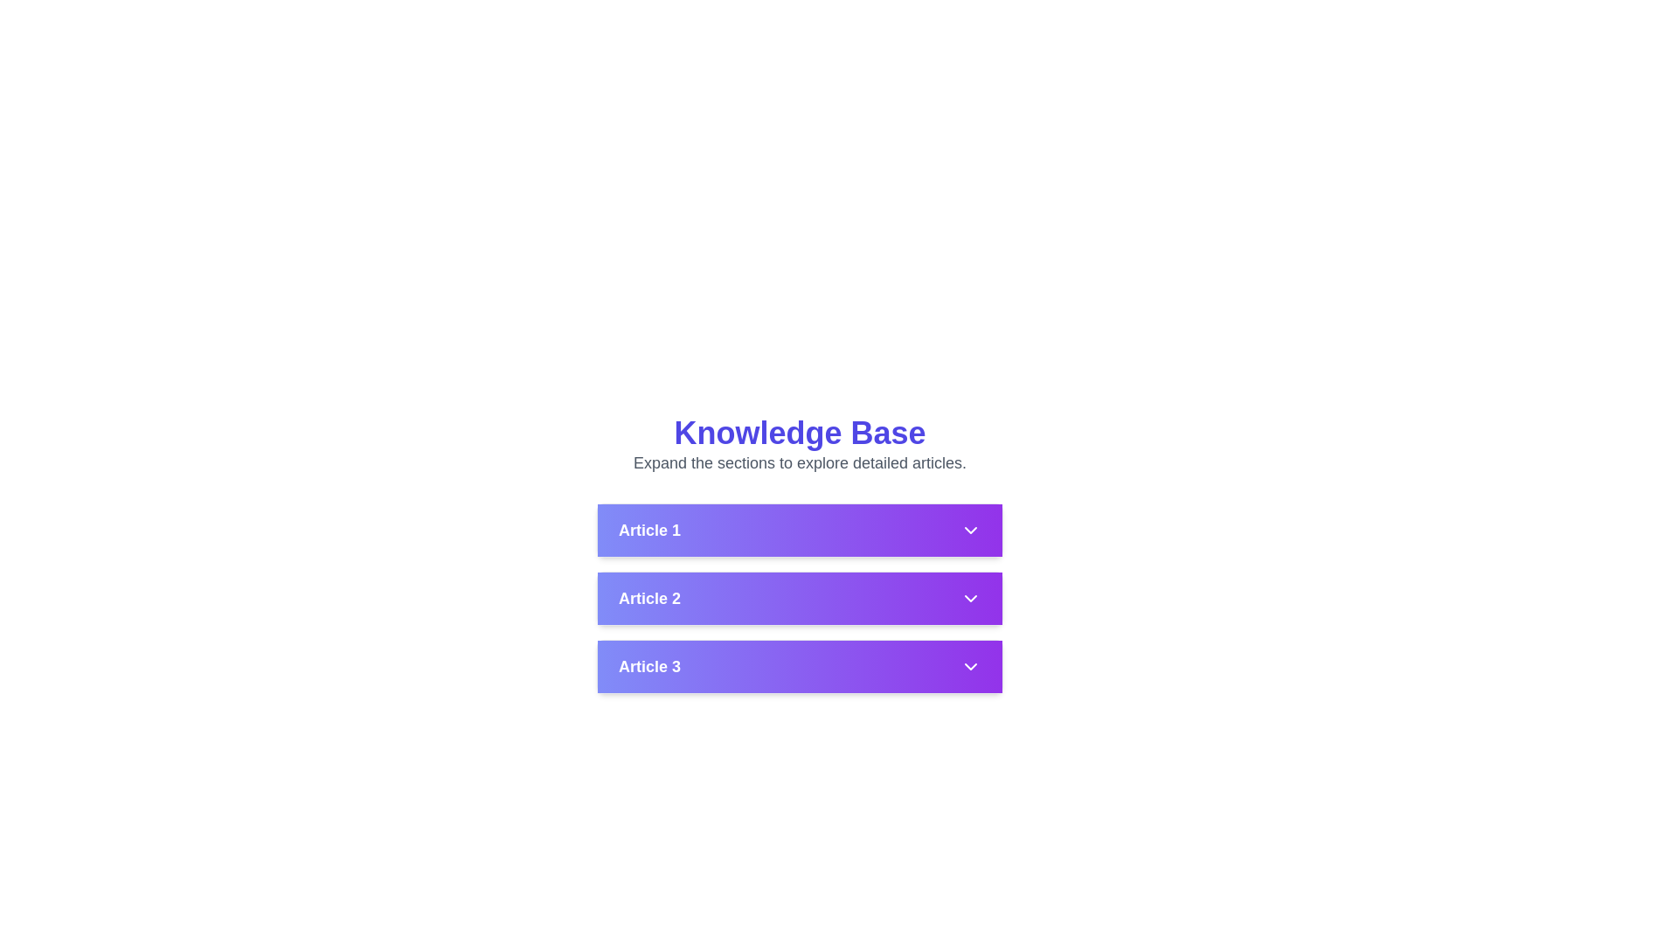 This screenshot has height=944, width=1678. What do you see at coordinates (648, 598) in the screenshot?
I see `the text label displaying 'Article 2', which is styled in a large, bold, white font on a gradient background, to emphasize it` at bounding box center [648, 598].